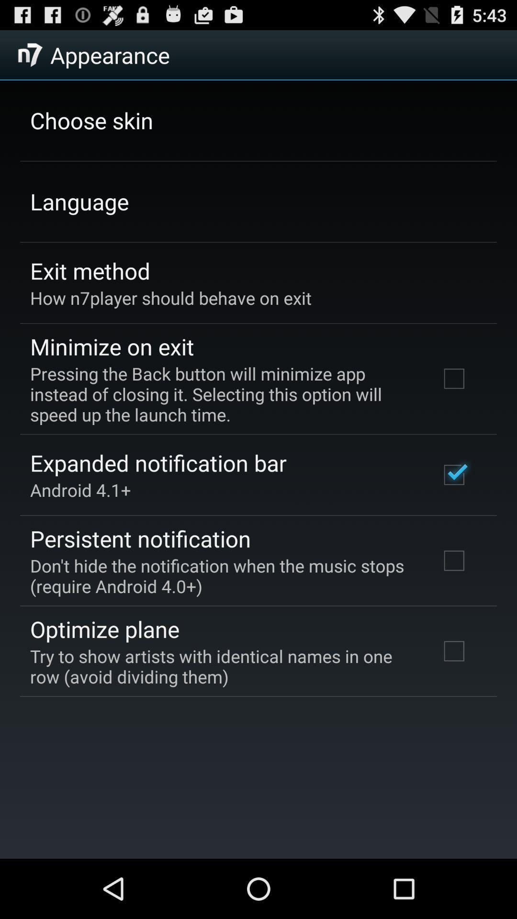 Image resolution: width=517 pixels, height=919 pixels. Describe the element at coordinates (79, 201) in the screenshot. I see `the app below the choose skin` at that location.